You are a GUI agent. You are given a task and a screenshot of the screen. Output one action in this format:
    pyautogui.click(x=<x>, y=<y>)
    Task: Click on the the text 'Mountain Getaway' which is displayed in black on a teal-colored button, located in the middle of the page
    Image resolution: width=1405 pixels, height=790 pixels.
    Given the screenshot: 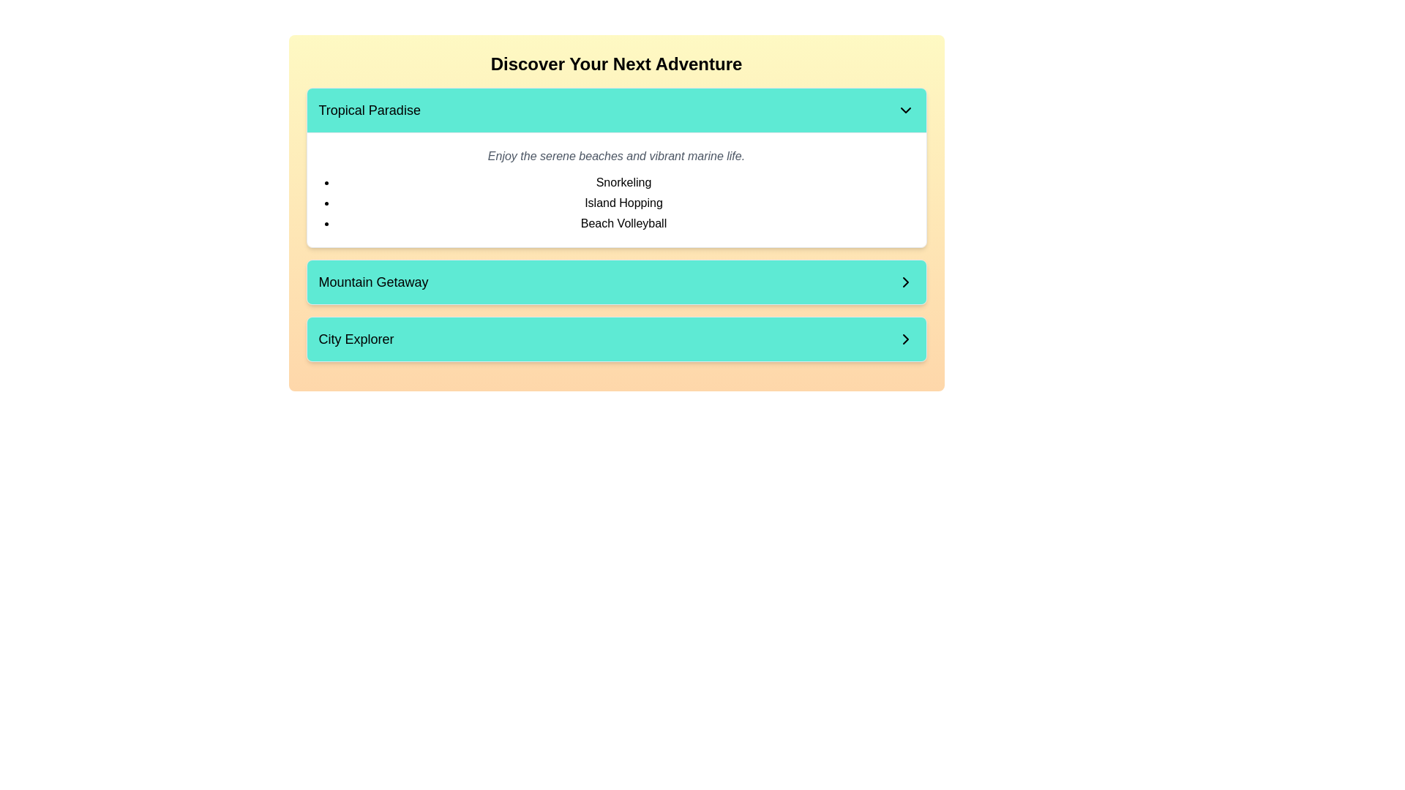 What is the action you would take?
    pyautogui.click(x=373, y=282)
    